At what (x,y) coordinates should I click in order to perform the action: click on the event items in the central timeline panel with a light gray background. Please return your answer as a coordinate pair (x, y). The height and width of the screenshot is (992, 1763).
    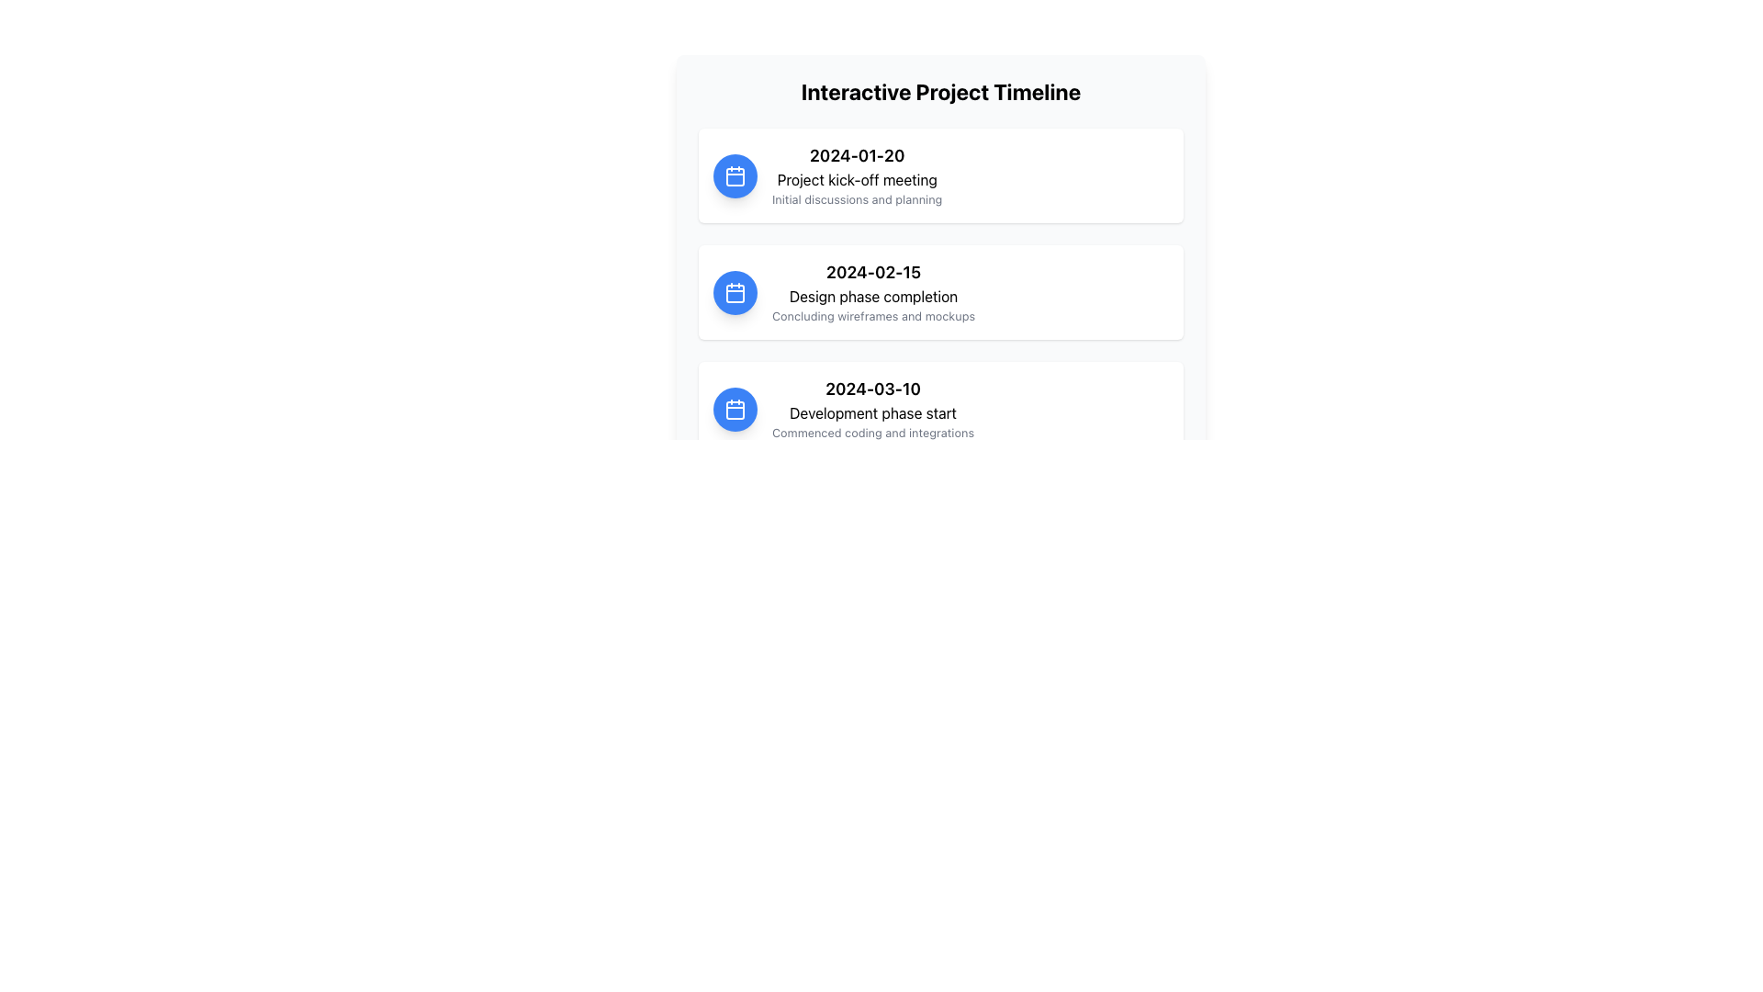
    Looking at the image, I should click on (941, 294).